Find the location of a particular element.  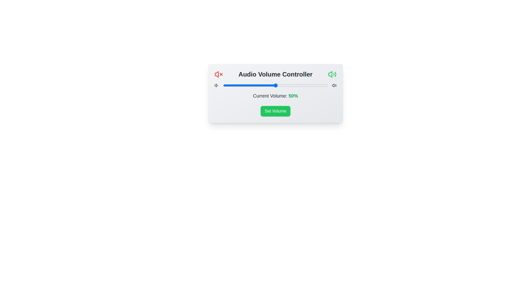

the 'Set Volume' button is located at coordinates (275, 111).